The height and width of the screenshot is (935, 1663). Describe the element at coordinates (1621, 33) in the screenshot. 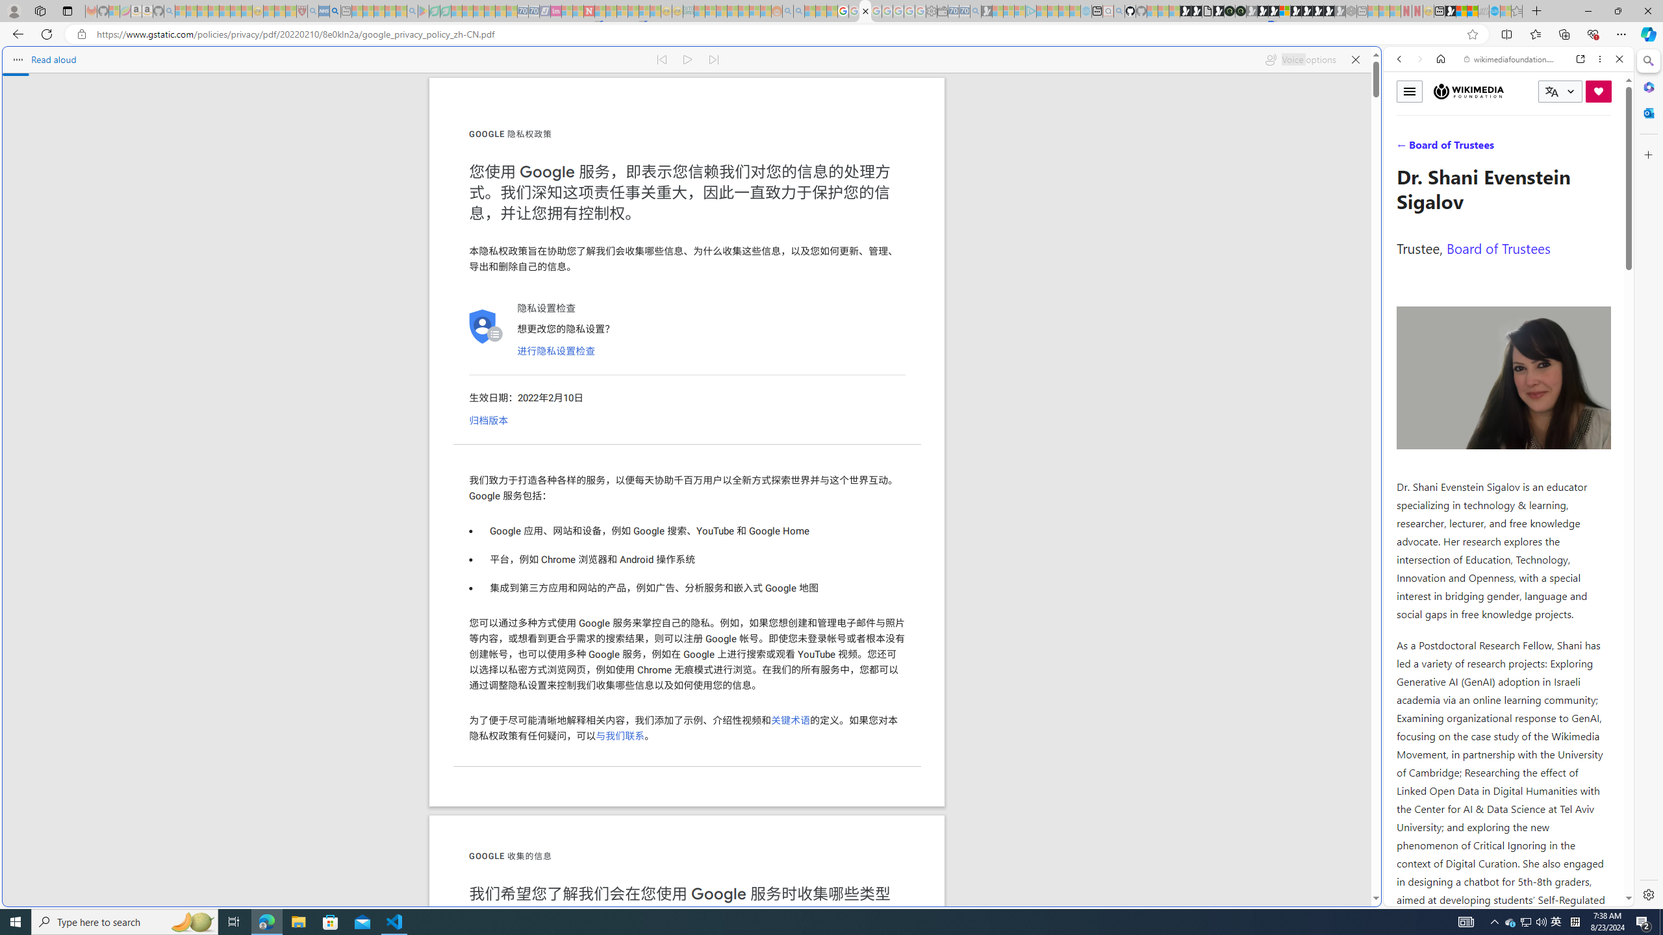

I see `'Settings and more (Alt+F)'` at that location.